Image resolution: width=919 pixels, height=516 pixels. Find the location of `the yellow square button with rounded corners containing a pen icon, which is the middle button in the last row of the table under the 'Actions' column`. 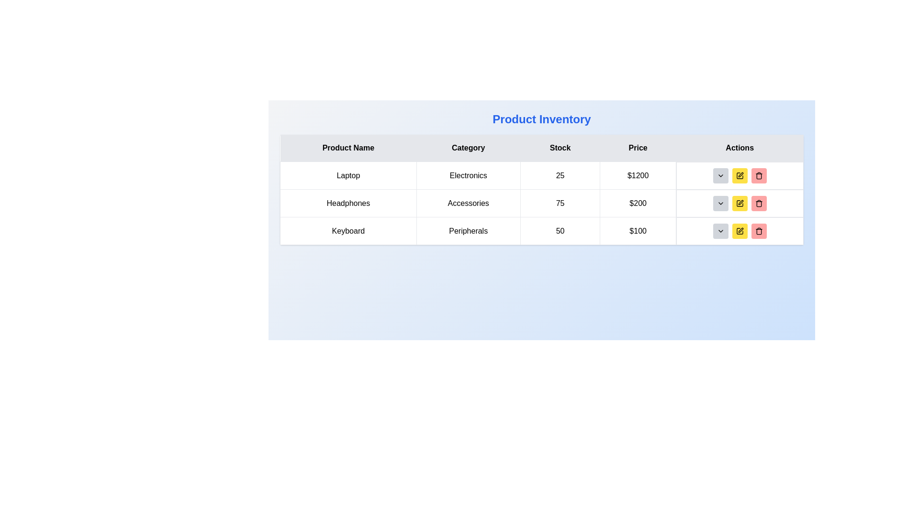

the yellow square button with rounded corners containing a pen icon, which is the middle button in the last row of the table under the 'Actions' column is located at coordinates (739, 231).